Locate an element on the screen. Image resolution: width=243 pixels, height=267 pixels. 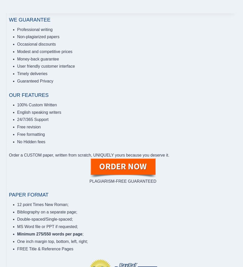
'FREE Title & Reference Pages' is located at coordinates (45, 249).